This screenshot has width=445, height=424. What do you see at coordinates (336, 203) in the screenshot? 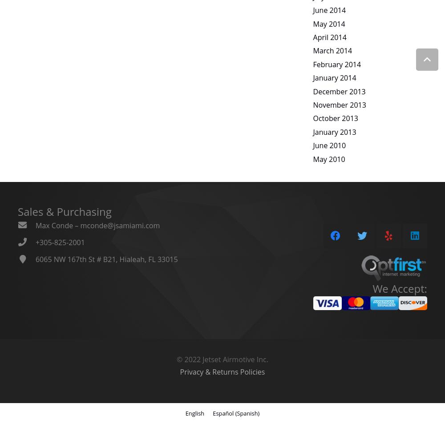
I see `'Facebook'` at bounding box center [336, 203].